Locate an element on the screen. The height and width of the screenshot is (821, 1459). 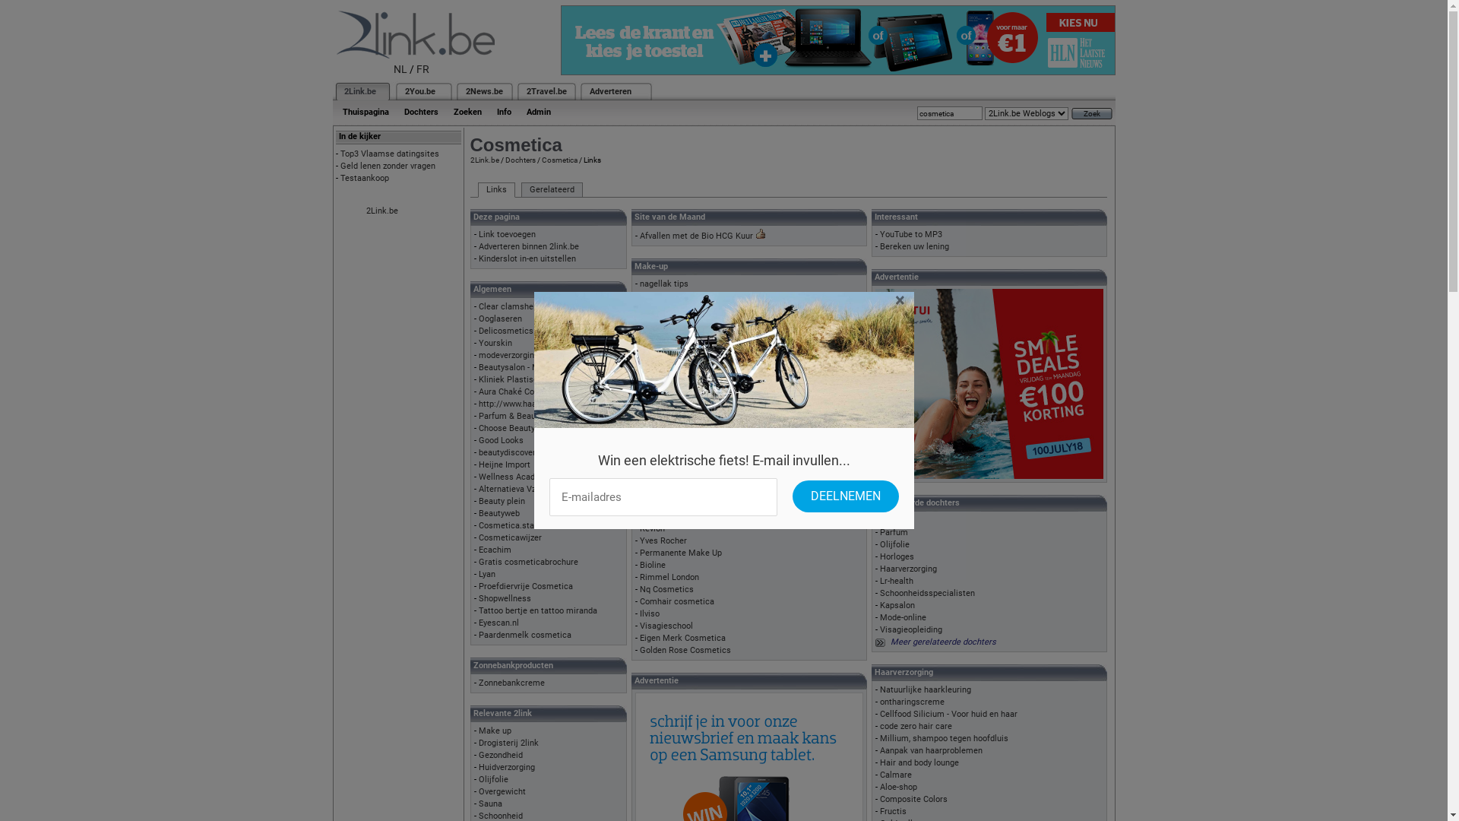
'Zonnebankcreme' is located at coordinates (511, 682).